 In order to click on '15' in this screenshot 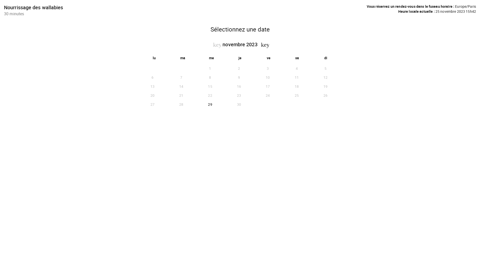, I will do `click(195, 86)`.